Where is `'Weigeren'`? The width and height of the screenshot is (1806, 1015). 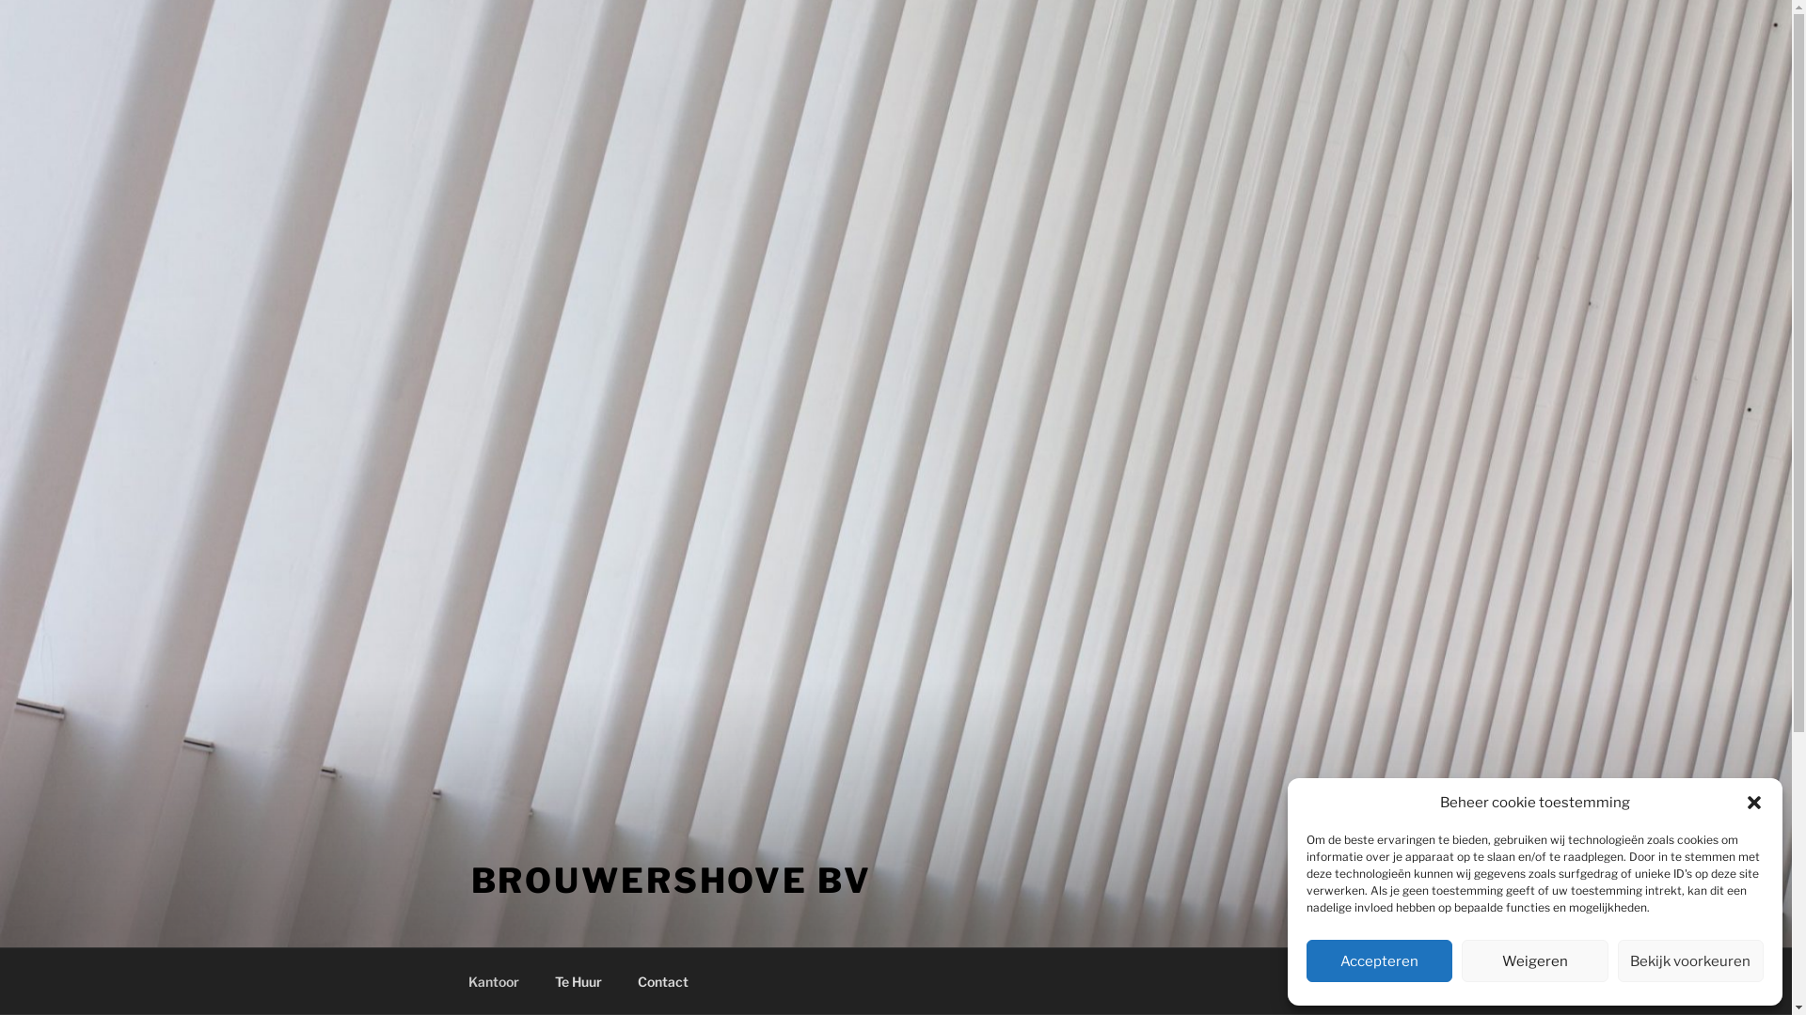
'Weigeren' is located at coordinates (1534, 960).